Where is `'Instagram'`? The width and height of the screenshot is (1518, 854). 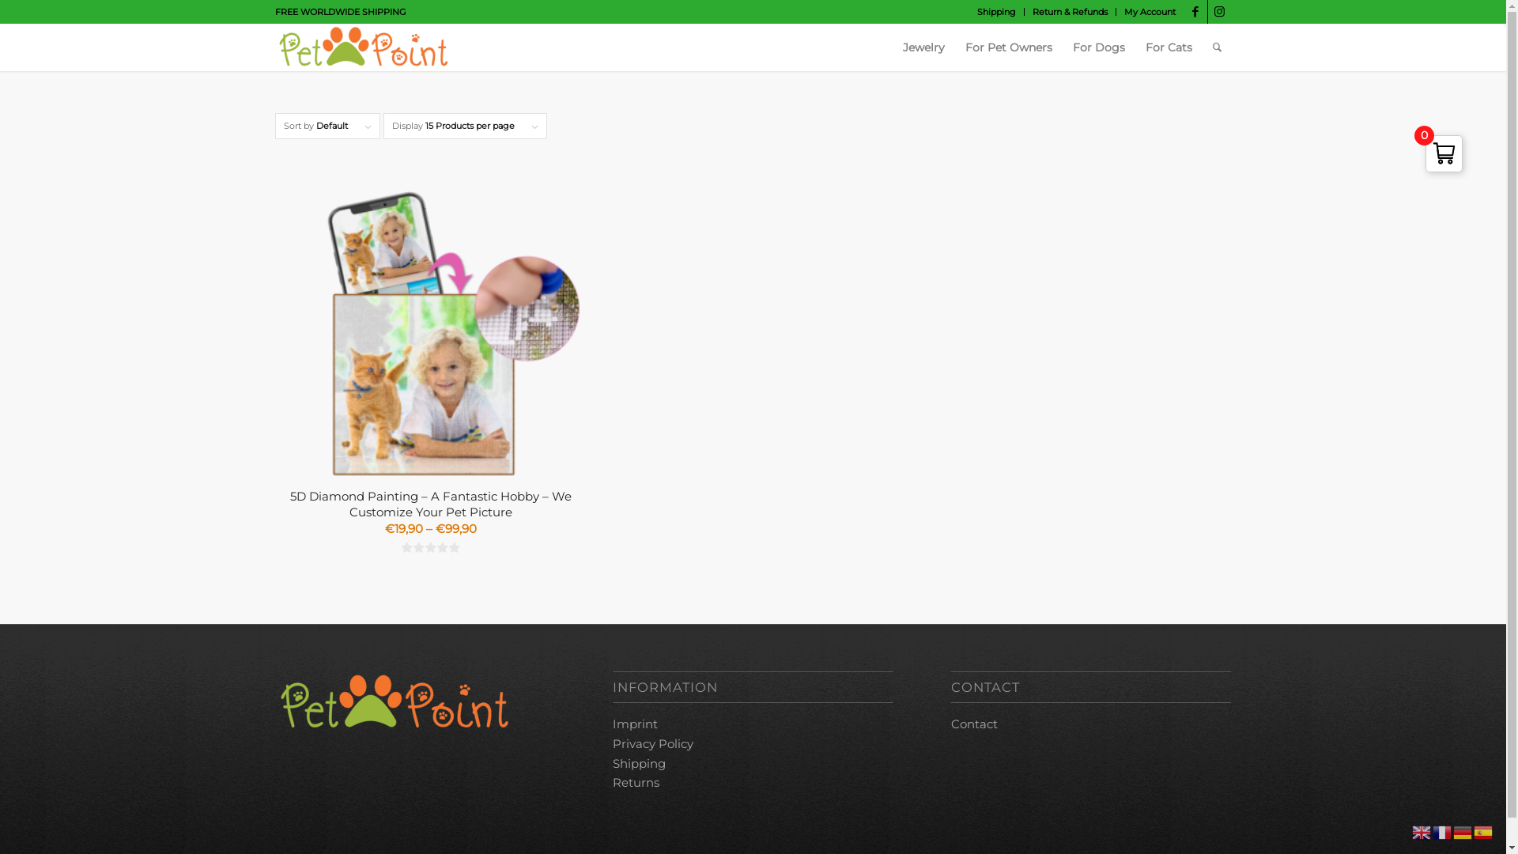 'Instagram' is located at coordinates (1206, 12).